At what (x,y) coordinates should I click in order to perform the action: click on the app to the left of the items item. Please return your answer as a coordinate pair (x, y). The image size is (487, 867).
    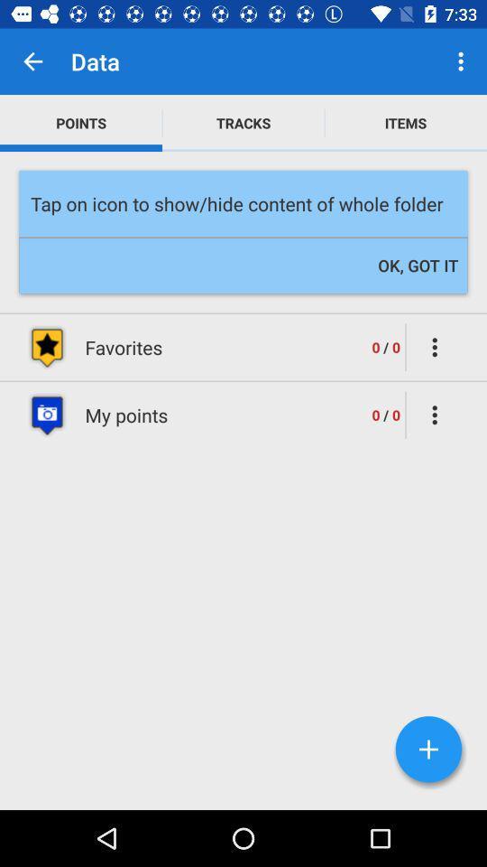
    Looking at the image, I should click on (243, 122).